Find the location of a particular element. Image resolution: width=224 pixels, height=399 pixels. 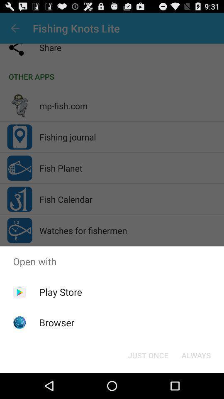

always button is located at coordinates (196, 355).